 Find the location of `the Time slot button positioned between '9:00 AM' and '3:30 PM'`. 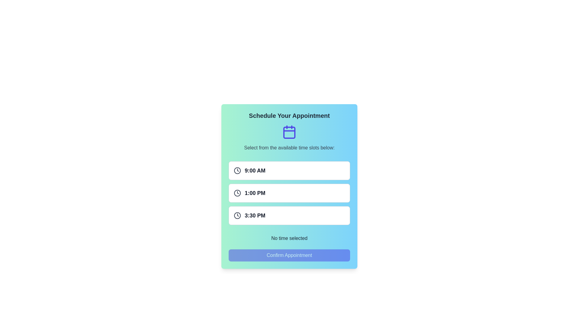

the Time slot button positioned between '9:00 AM' and '3:30 PM' is located at coordinates (289, 193).